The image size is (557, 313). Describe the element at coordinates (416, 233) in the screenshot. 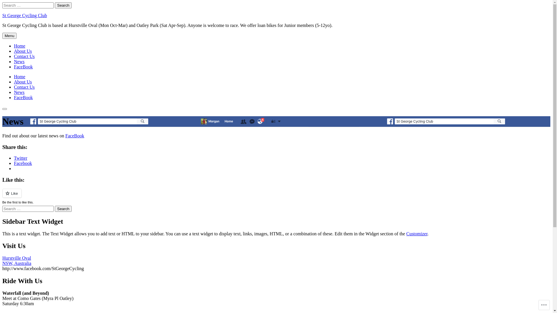

I see `'Customizer'` at that location.